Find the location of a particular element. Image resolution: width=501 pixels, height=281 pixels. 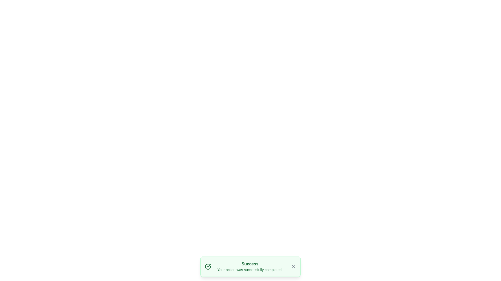

the dismiss button with a '×' symbol located at the far-right of the green notification box is located at coordinates (293, 267).